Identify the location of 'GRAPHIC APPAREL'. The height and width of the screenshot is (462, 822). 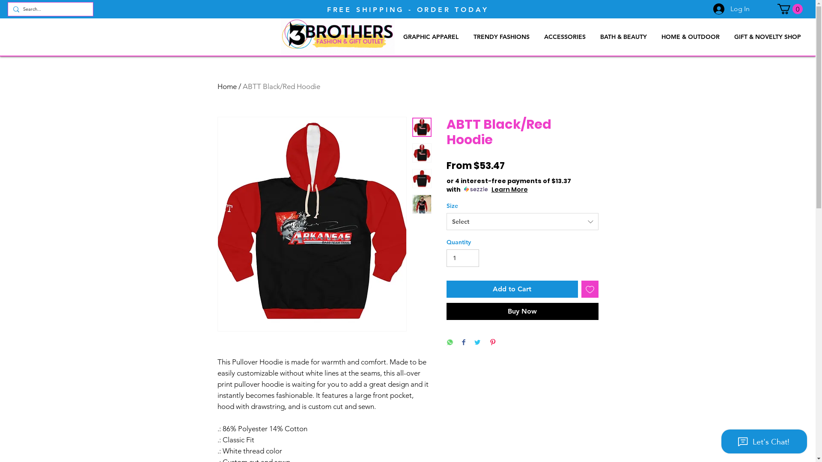
(431, 36).